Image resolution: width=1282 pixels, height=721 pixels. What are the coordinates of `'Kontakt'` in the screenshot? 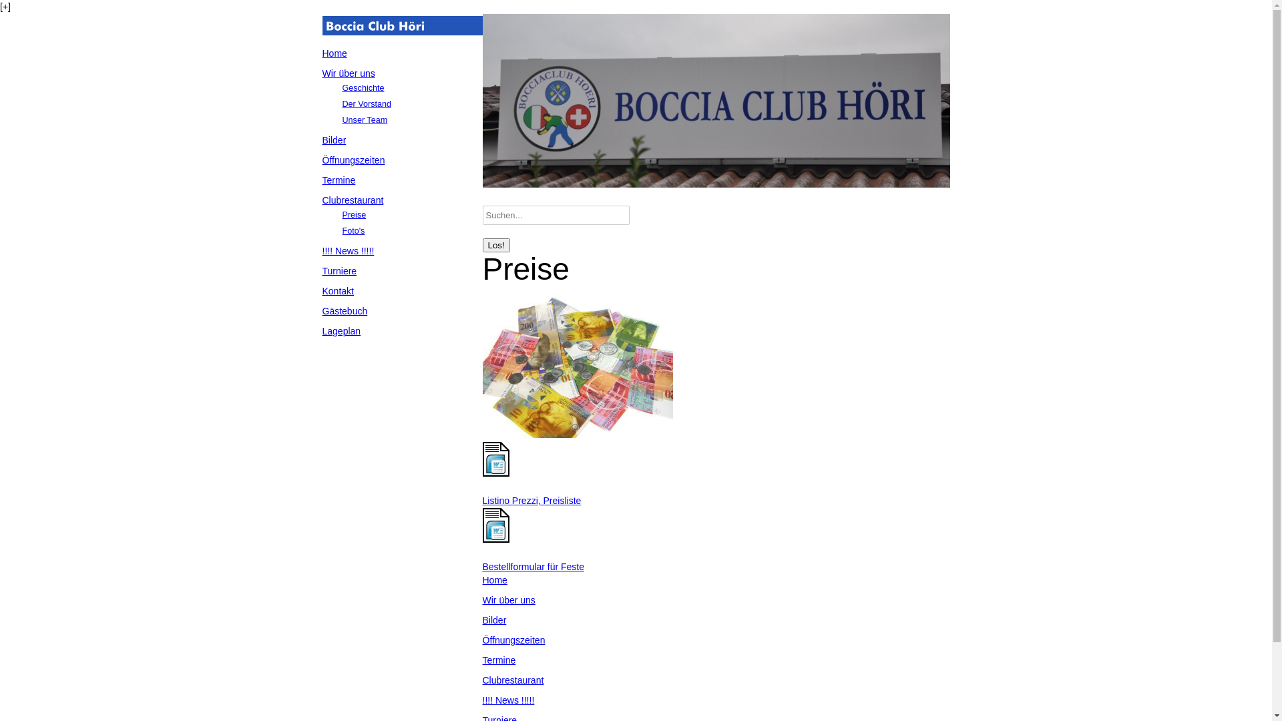 It's located at (337, 290).